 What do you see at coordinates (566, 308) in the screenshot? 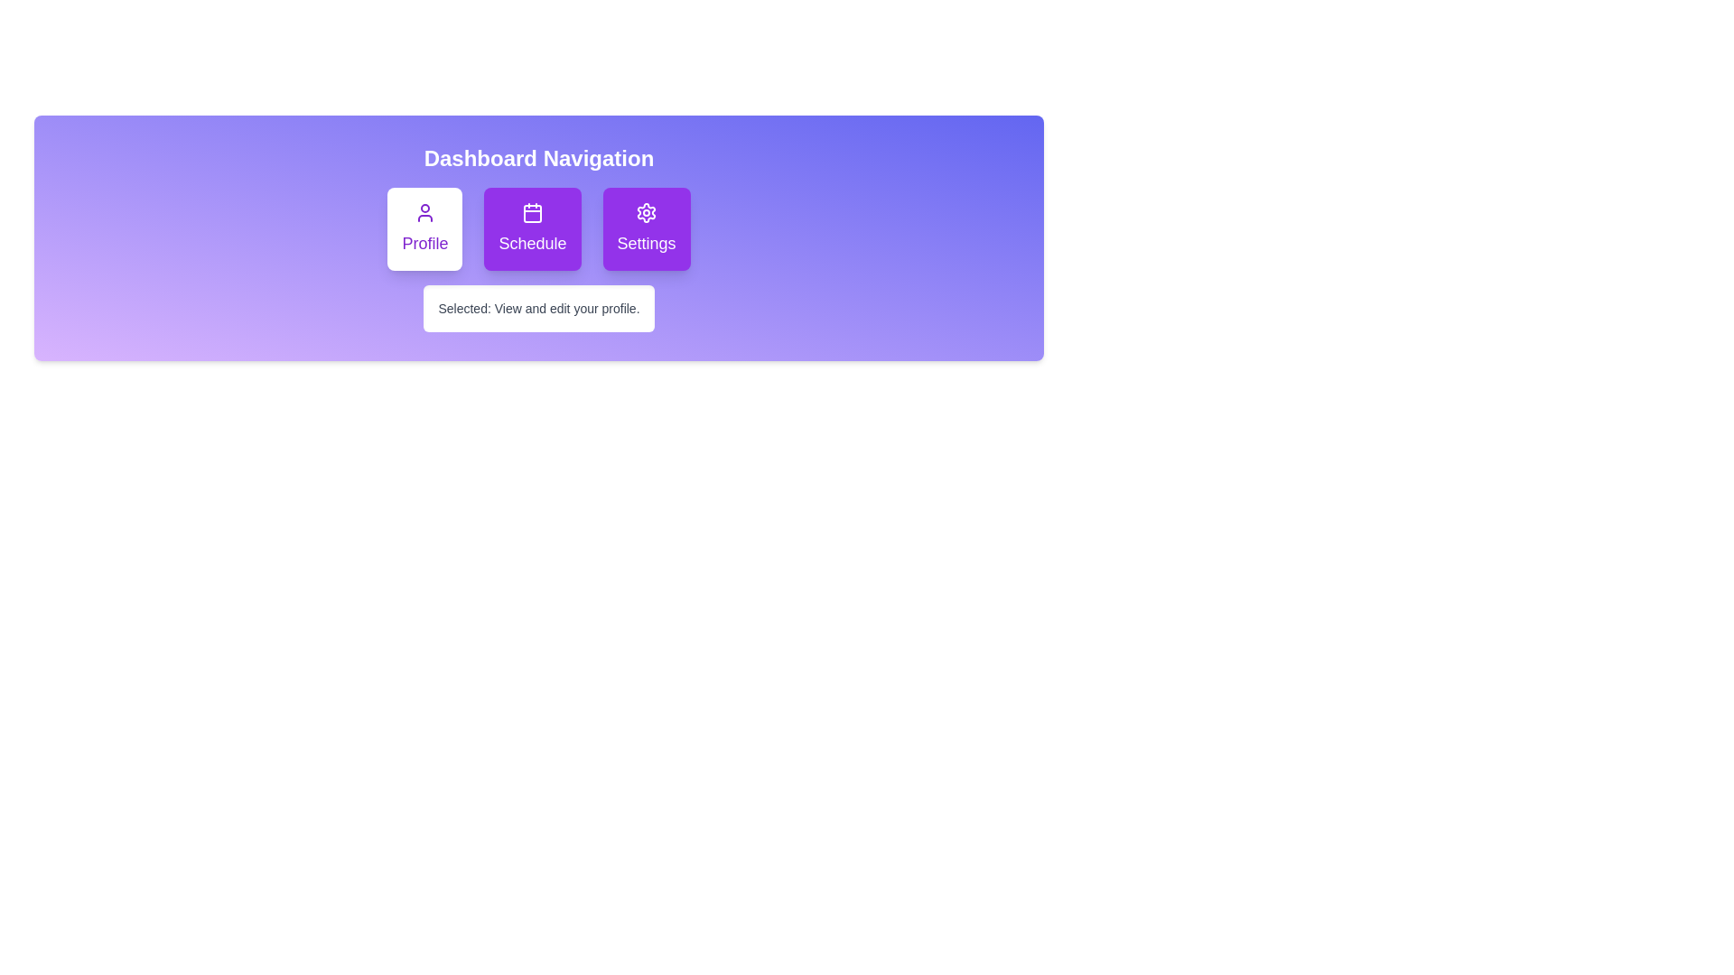
I see `the static text element that provides information about profile-related options, located centrally at the bottom of the interface` at bounding box center [566, 308].